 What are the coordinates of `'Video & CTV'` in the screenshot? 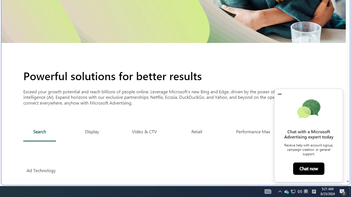 It's located at (144, 131).